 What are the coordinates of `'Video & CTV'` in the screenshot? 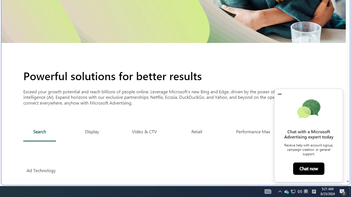 It's located at (144, 131).